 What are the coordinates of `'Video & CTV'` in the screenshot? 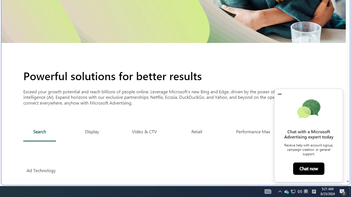 It's located at (144, 131).